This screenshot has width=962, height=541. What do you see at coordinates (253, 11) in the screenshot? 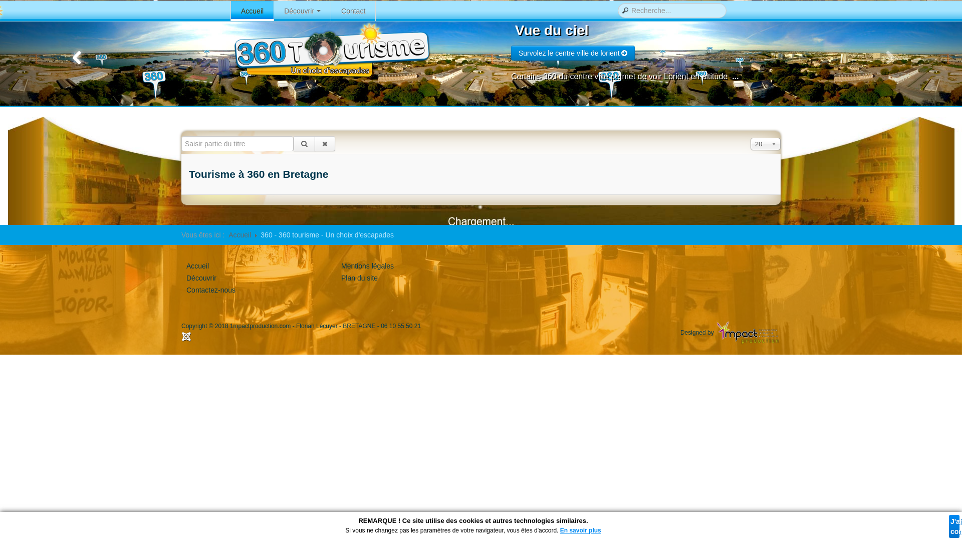
I see `'Accueil'` at bounding box center [253, 11].